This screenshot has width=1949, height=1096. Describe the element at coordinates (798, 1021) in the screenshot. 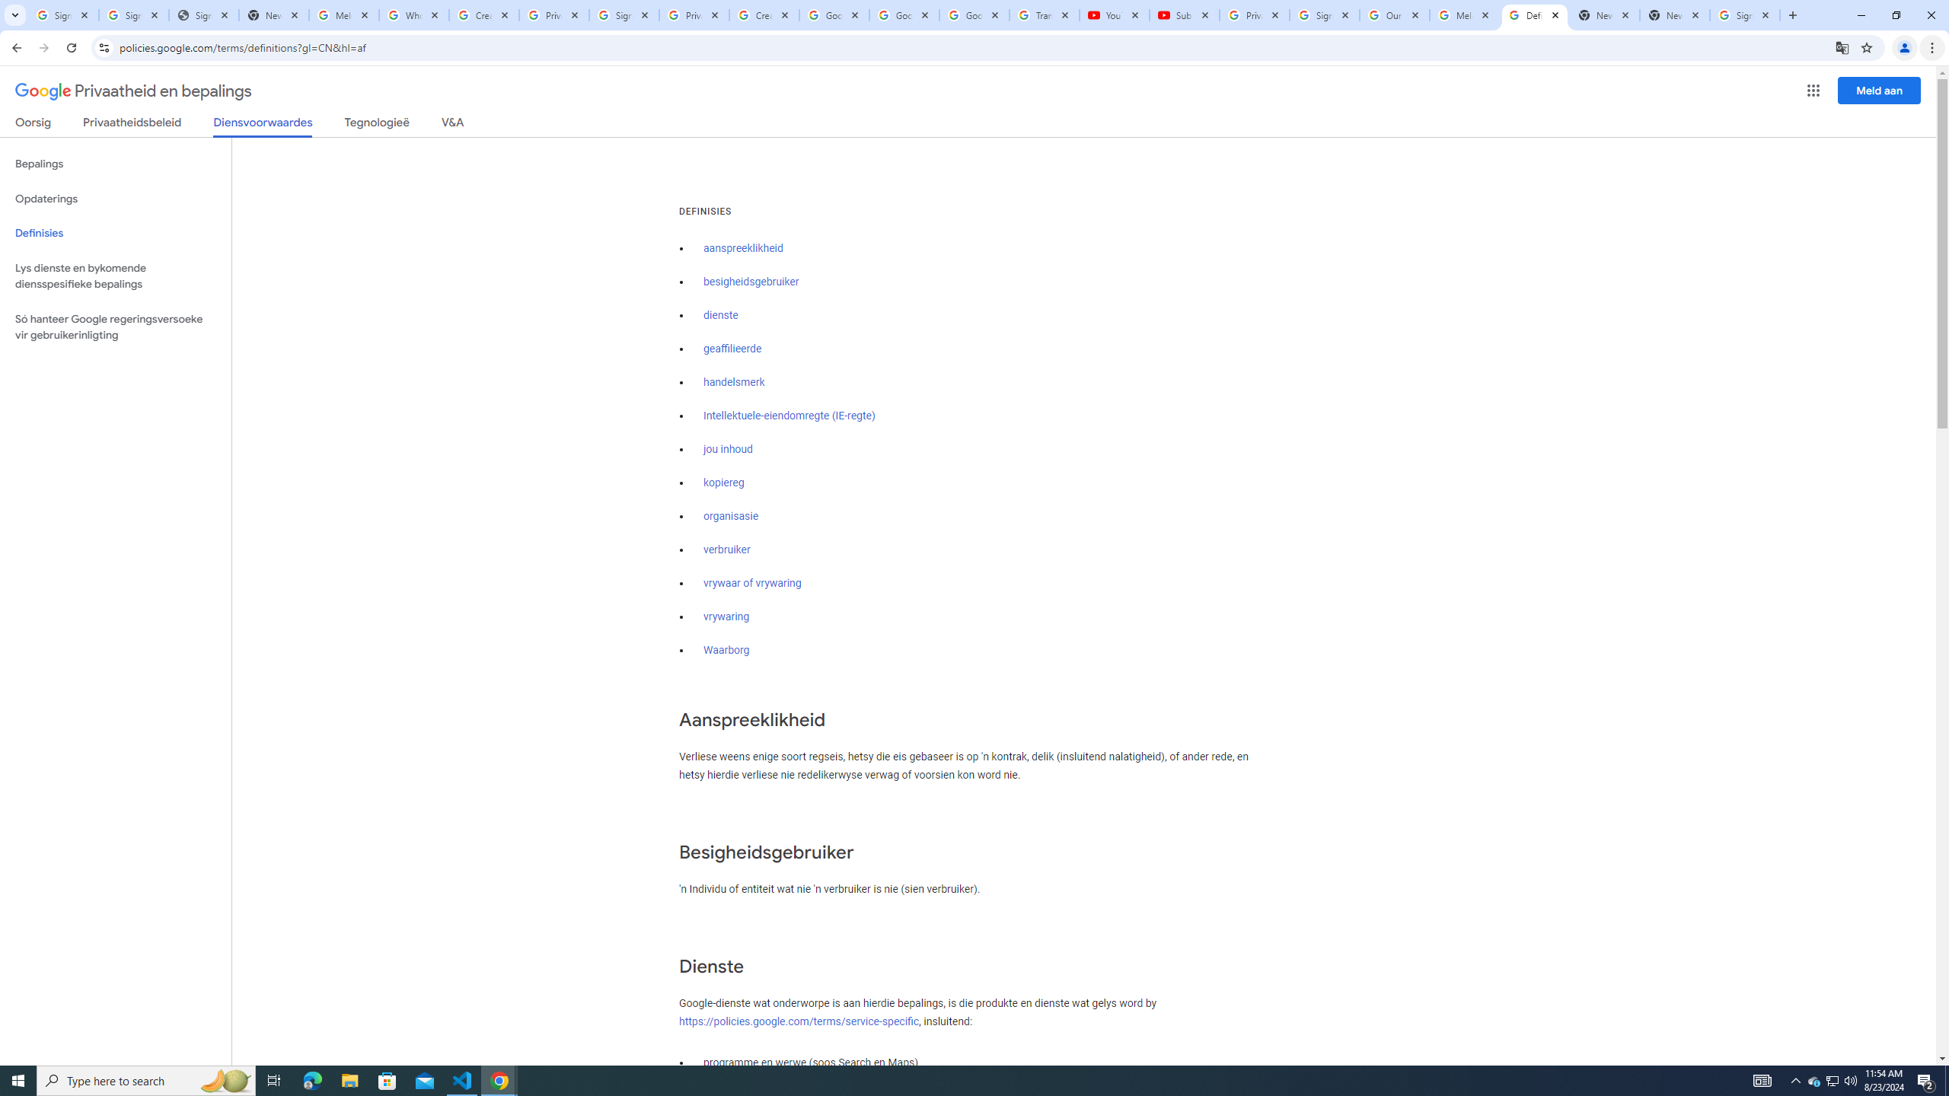

I see `'https://policies.google.com/terms/service-specific'` at that location.